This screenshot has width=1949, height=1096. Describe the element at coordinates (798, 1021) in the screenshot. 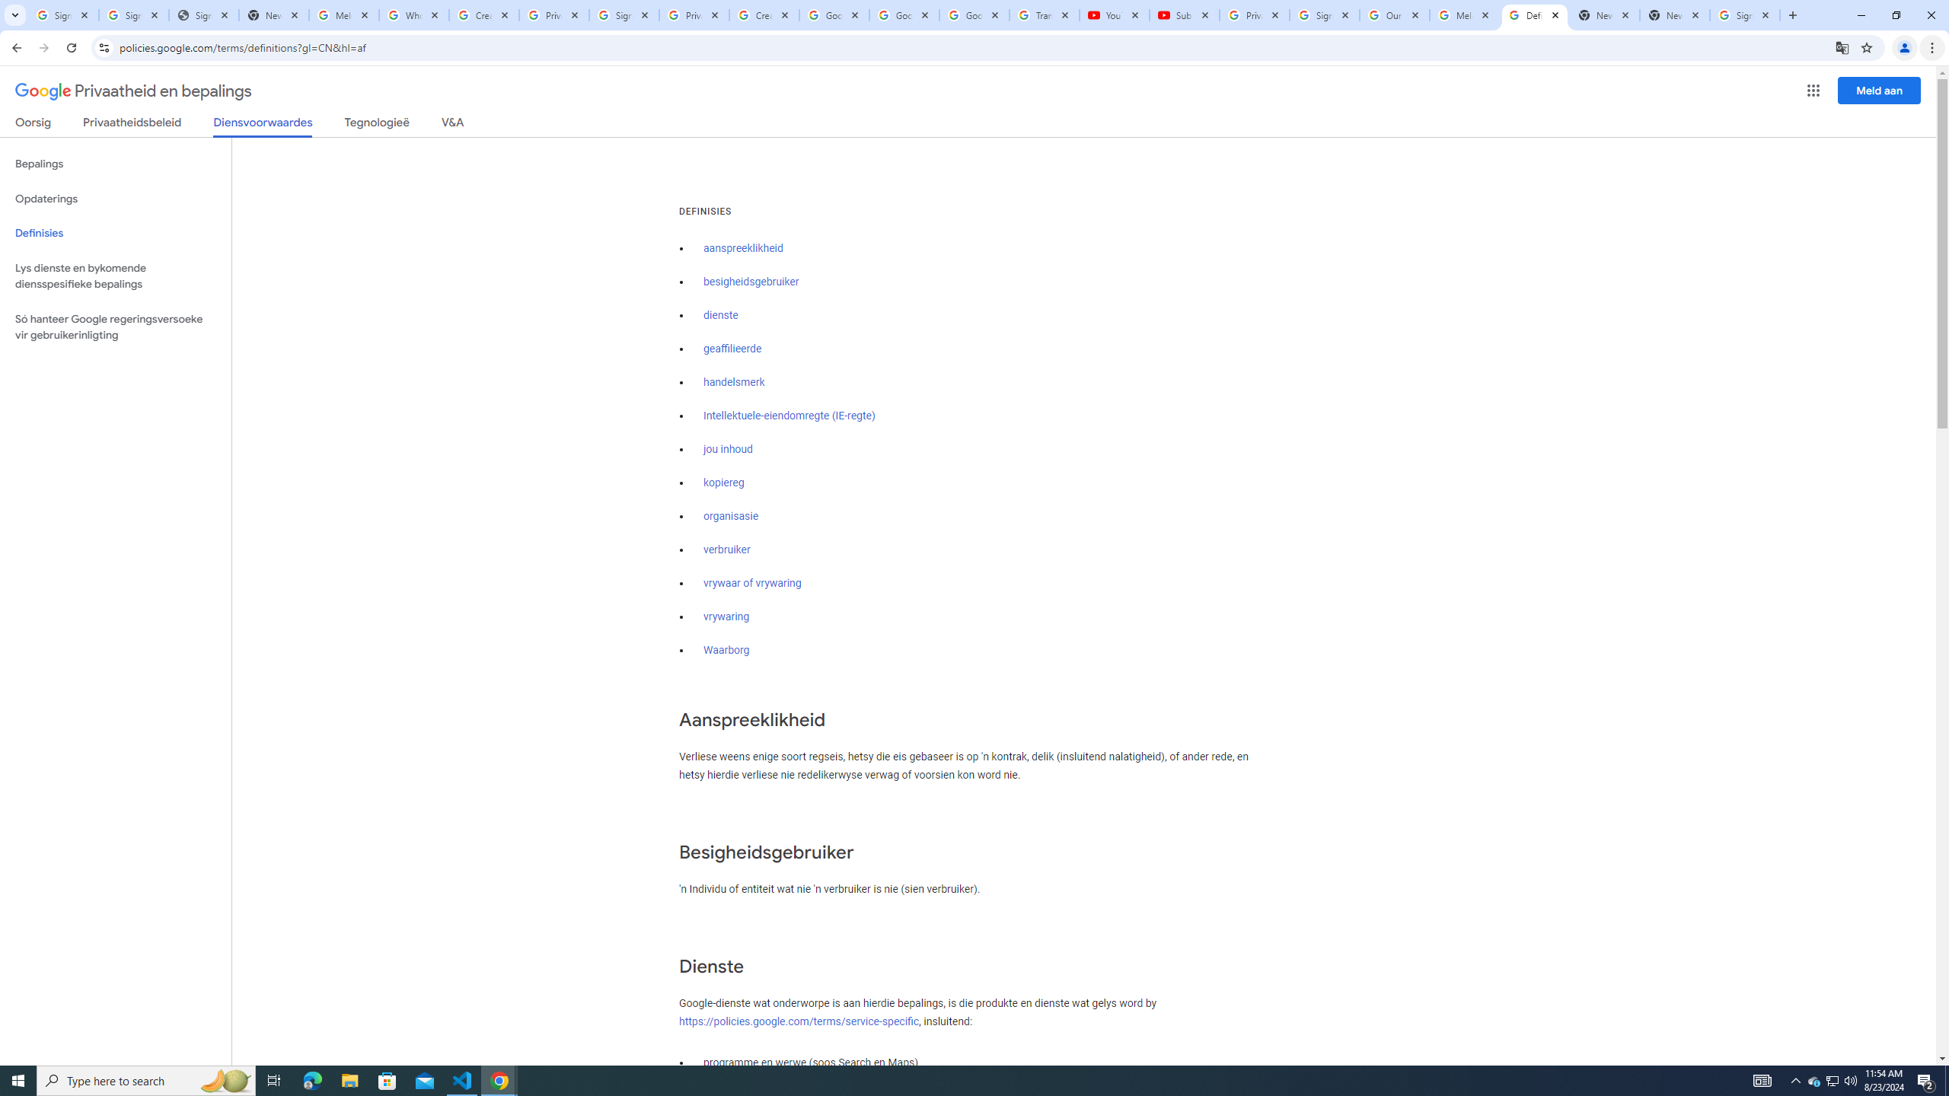

I see `'https://policies.google.com/terms/service-specific'` at that location.